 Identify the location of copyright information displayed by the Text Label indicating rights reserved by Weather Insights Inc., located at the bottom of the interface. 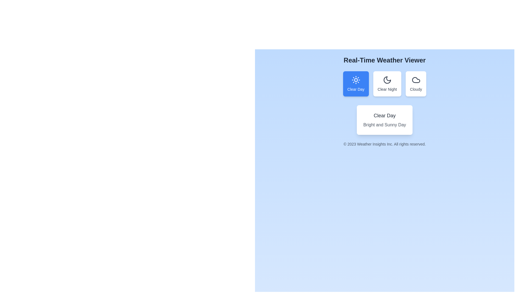
(384, 144).